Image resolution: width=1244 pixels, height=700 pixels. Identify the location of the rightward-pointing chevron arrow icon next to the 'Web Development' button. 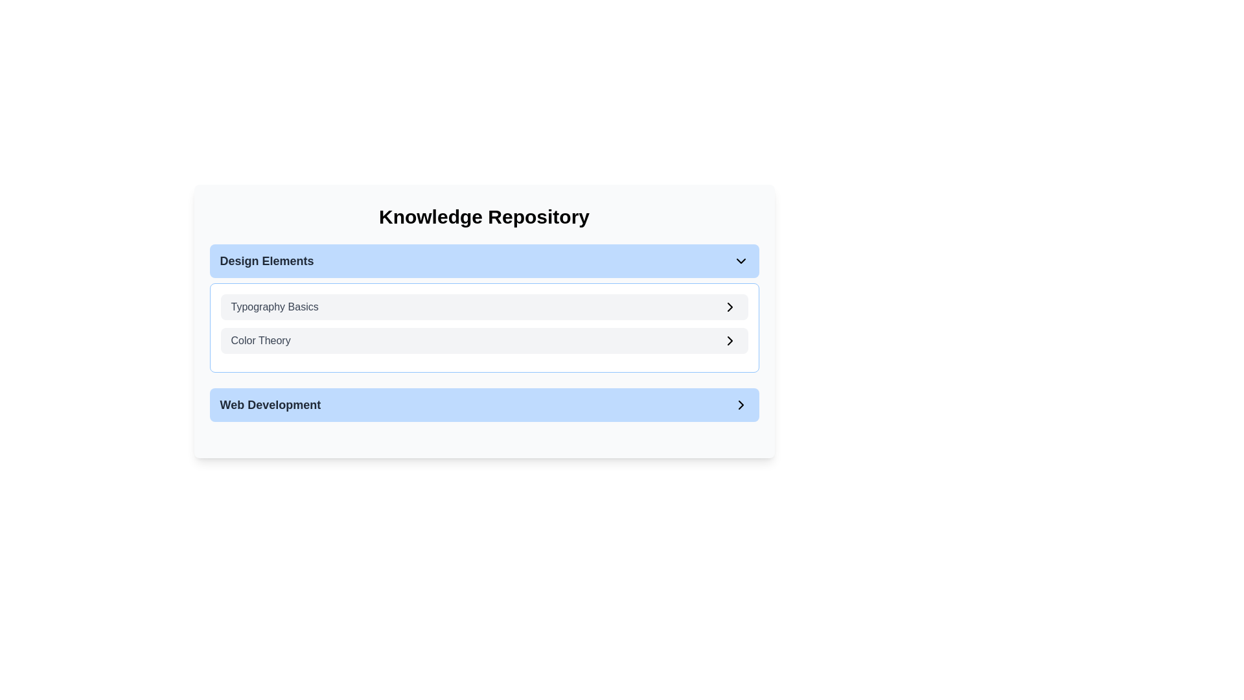
(741, 404).